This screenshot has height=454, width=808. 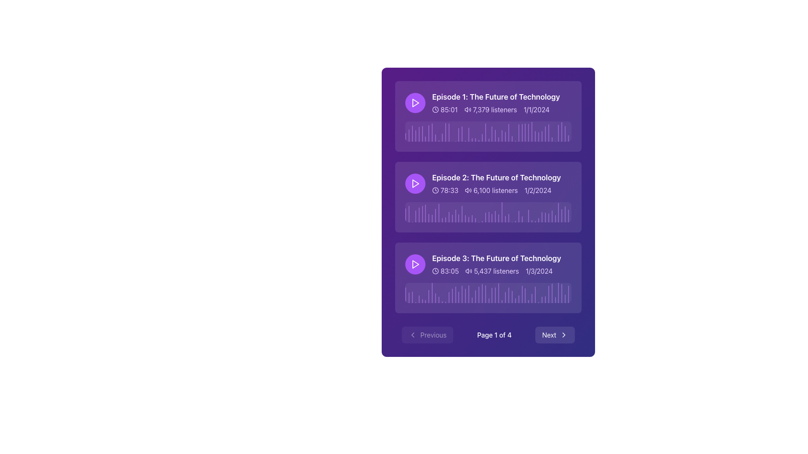 I want to click on the interactive visual marker, a thin vertical bar styled with a semi-transparent purple color, located at the far right edge of the audio playback waveform, so click(x=562, y=132).